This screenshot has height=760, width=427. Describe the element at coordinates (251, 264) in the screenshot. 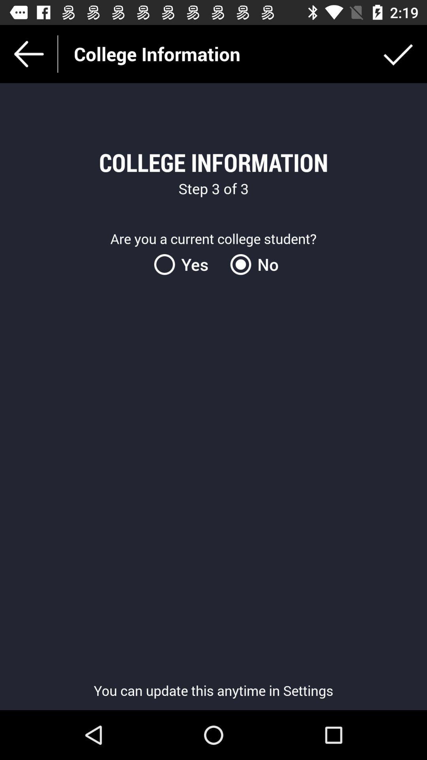

I see `the icon below the are you a item` at that location.